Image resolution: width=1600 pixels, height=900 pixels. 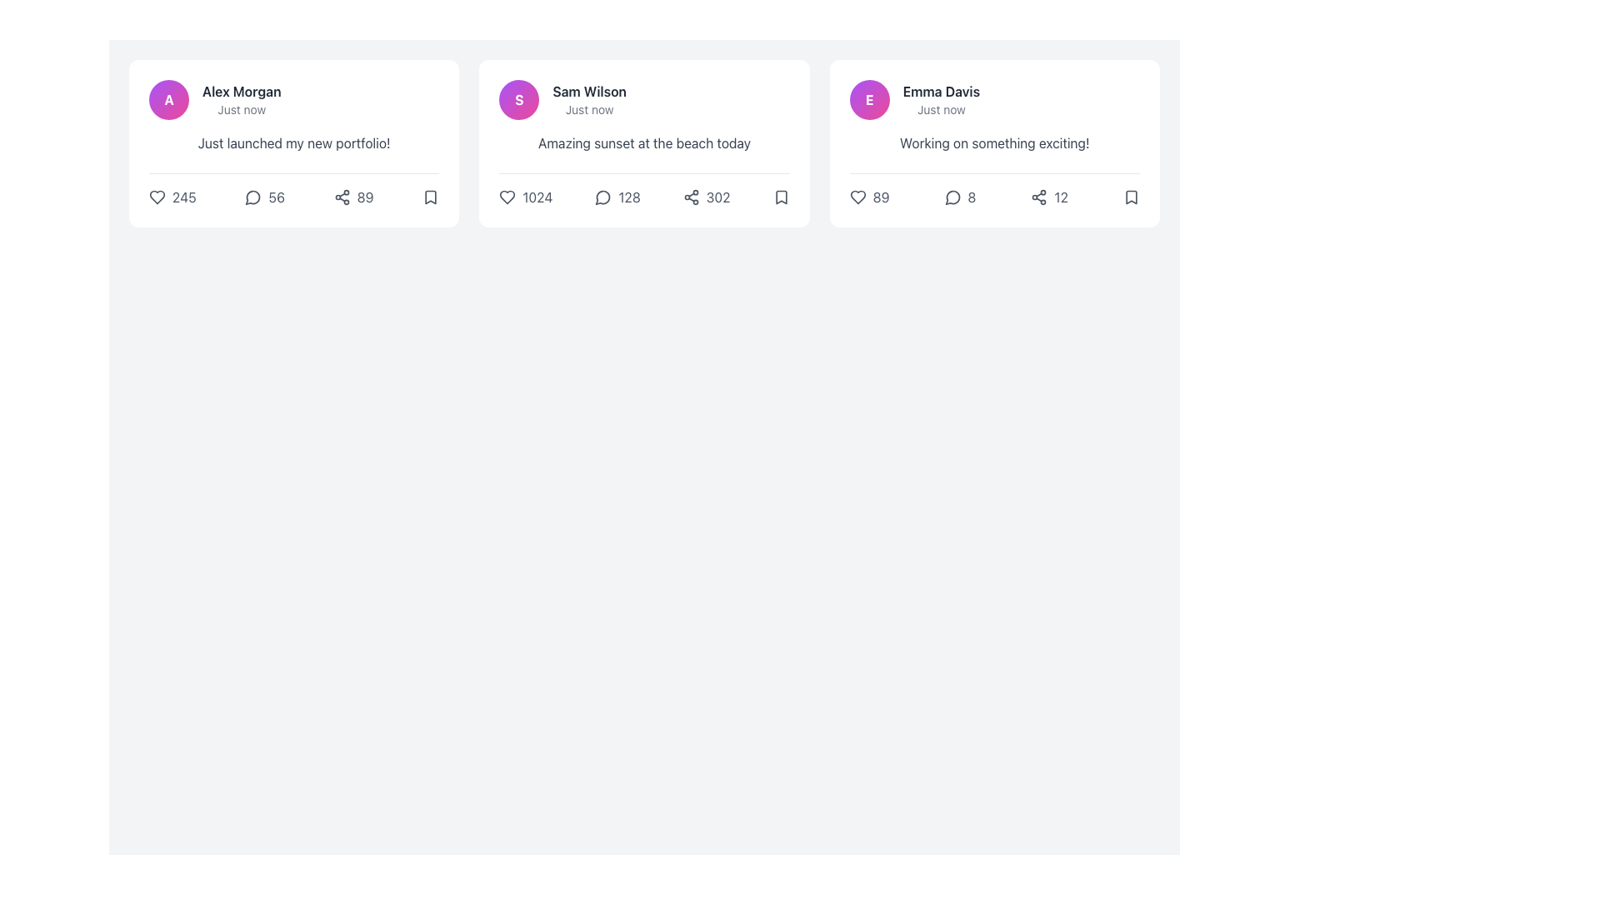 What do you see at coordinates (868, 196) in the screenshot?
I see `the 'like' button located at the bottom of the card labeled 'Emma Davis', which shows an icon and the text indicating user engagement with 89 likes` at bounding box center [868, 196].